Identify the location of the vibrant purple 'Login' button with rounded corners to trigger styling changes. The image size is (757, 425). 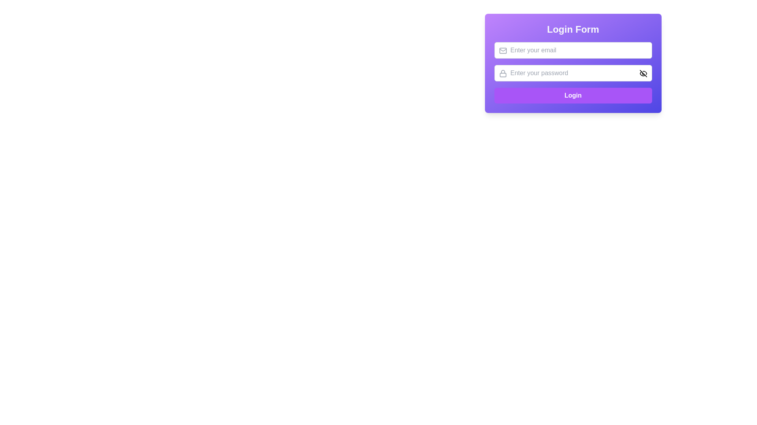
(573, 95).